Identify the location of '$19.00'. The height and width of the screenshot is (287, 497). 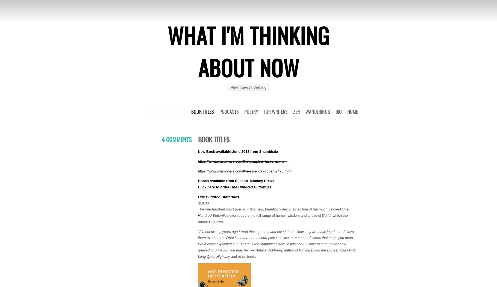
(203, 203).